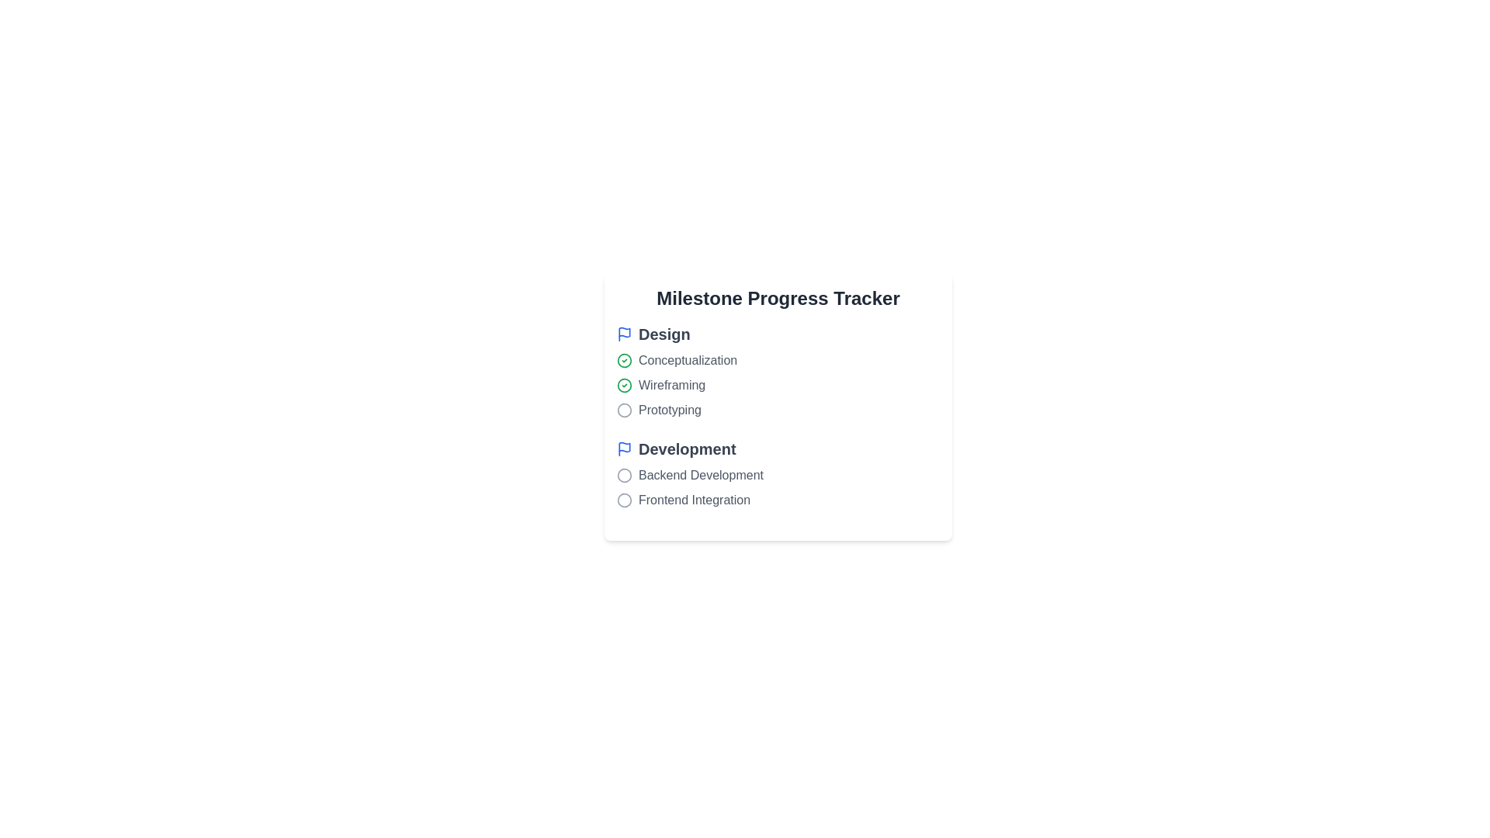 The image size is (1490, 838). What do you see at coordinates (625, 361) in the screenshot?
I see `the completion icon indicating that the 'Conceptualization' task has been completed to associate its status with the task` at bounding box center [625, 361].